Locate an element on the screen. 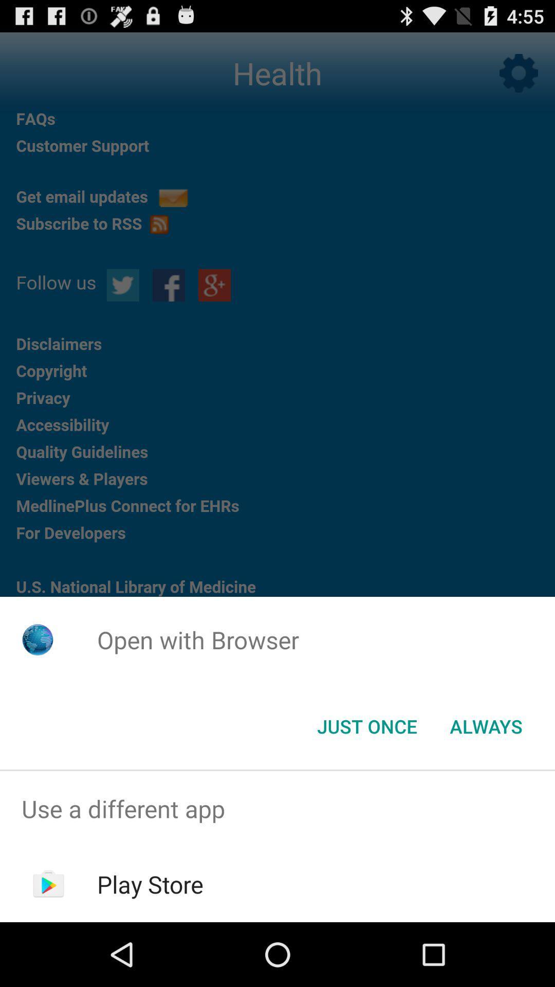 The image size is (555, 987). the always at the bottom right corner is located at coordinates (486, 725).